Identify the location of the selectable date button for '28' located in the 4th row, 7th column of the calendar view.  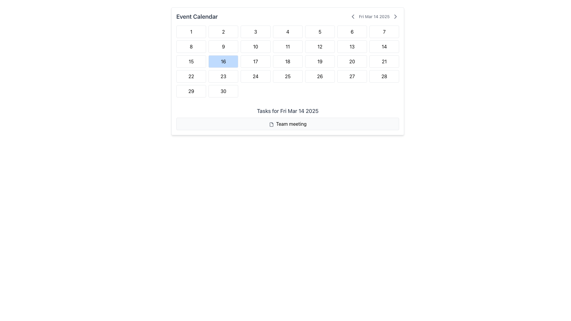
(384, 76).